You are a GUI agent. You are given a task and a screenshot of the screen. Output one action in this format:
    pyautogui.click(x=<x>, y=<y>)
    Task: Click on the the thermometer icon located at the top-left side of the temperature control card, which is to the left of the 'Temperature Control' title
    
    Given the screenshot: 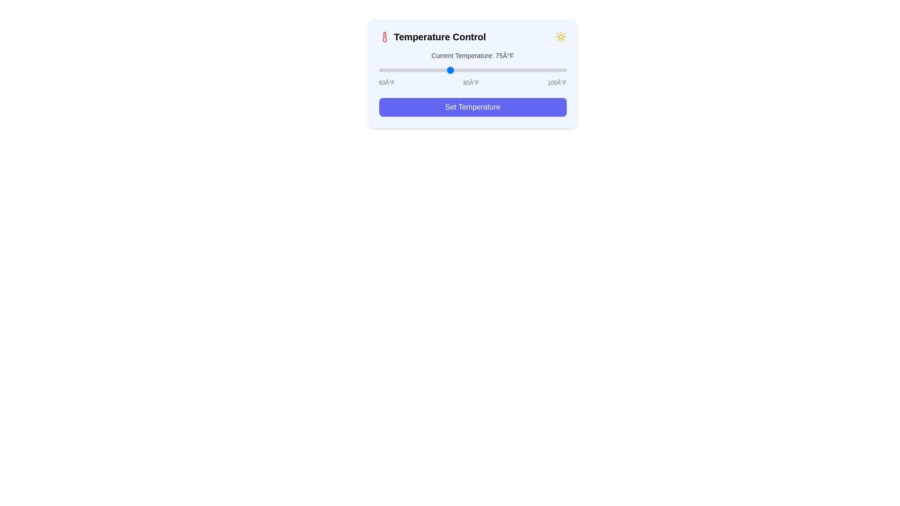 What is the action you would take?
    pyautogui.click(x=384, y=36)
    